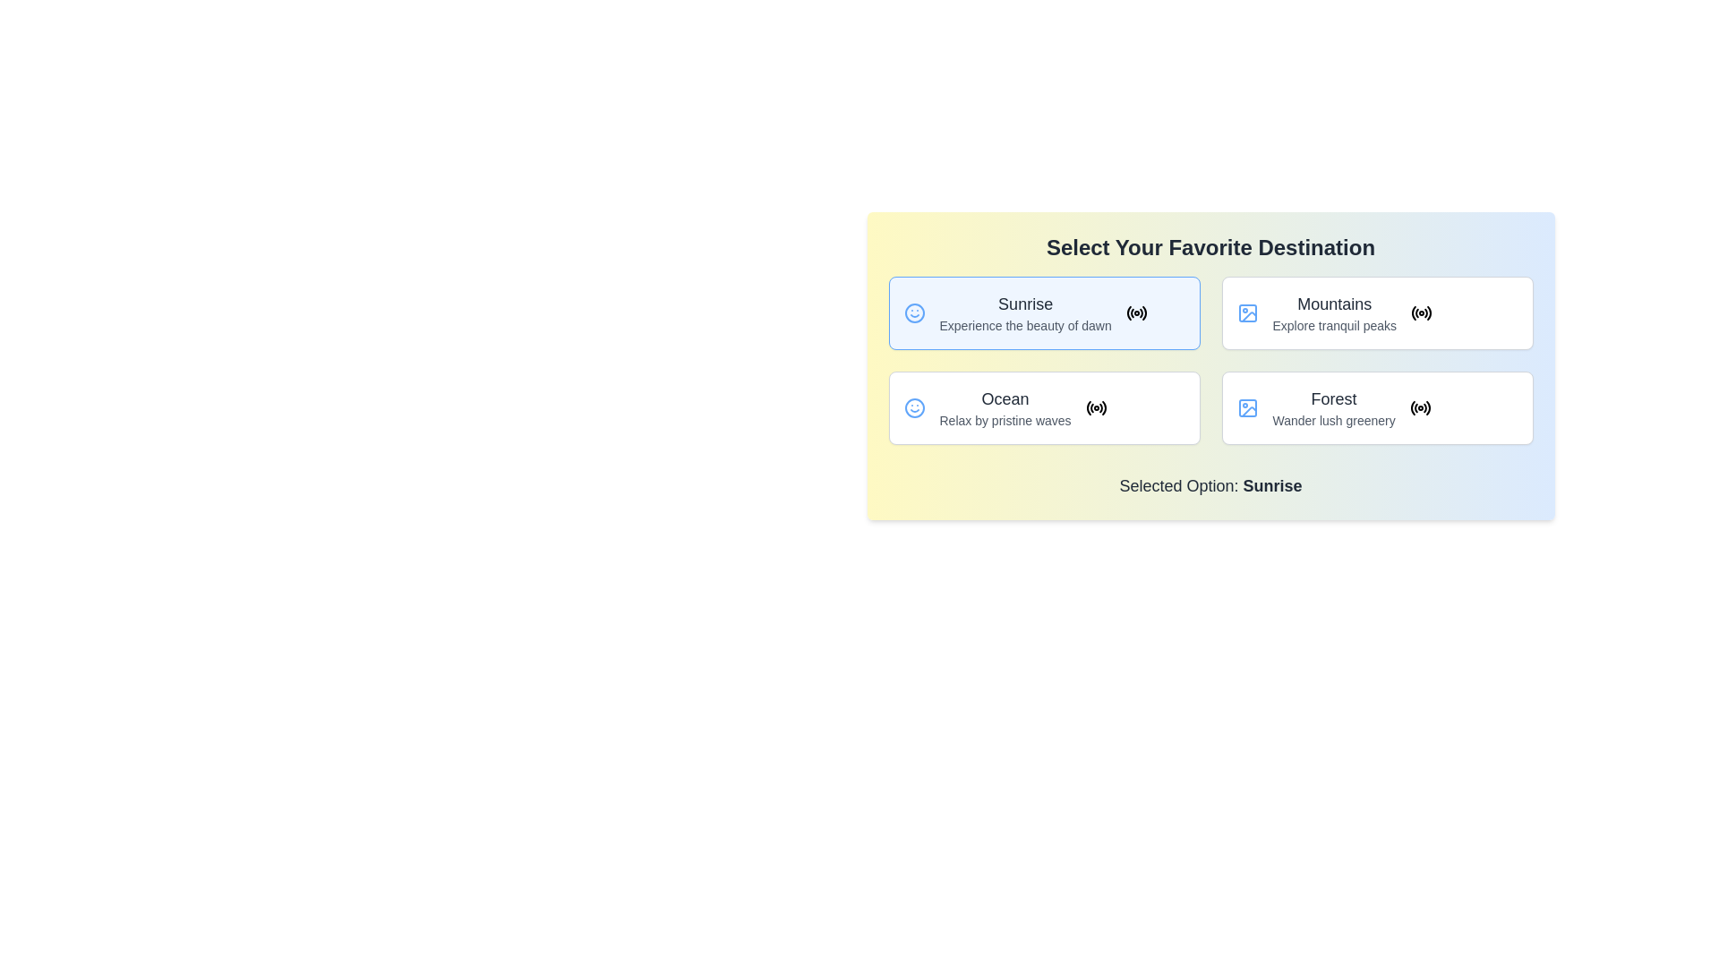  What do you see at coordinates (1334, 303) in the screenshot?
I see `the text label 'Mountains' which is styled as a title in bold dark gray, located in the top row of the right-hand box among four selectable options` at bounding box center [1334, 303].